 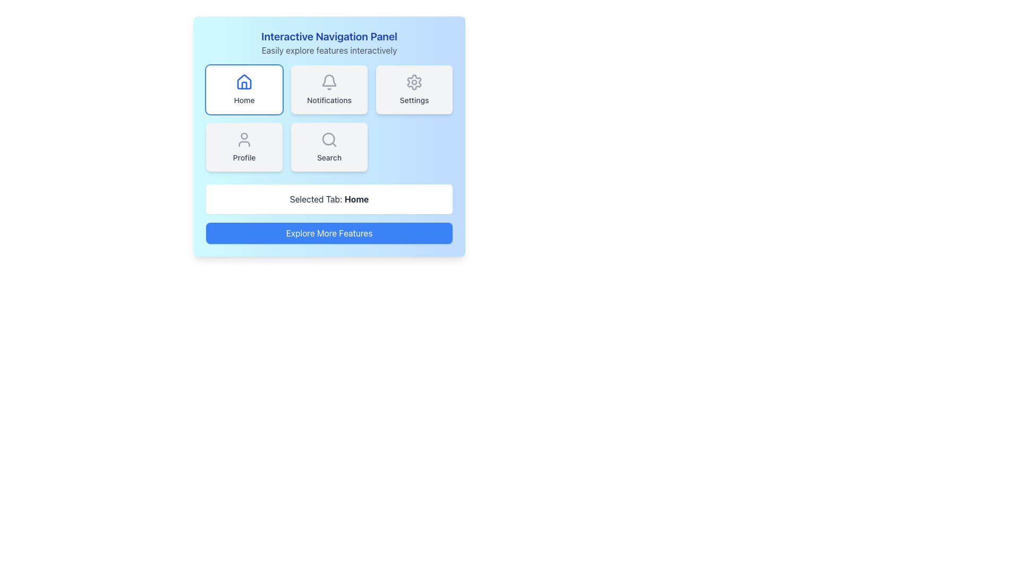 What do you see at coordinates (244, 100) in the screenshot?
I see `the textual component labeled 'Home', which is styled with a small font size and medium weight, located below the house icon in the button group` at bounding box center [244, 100].